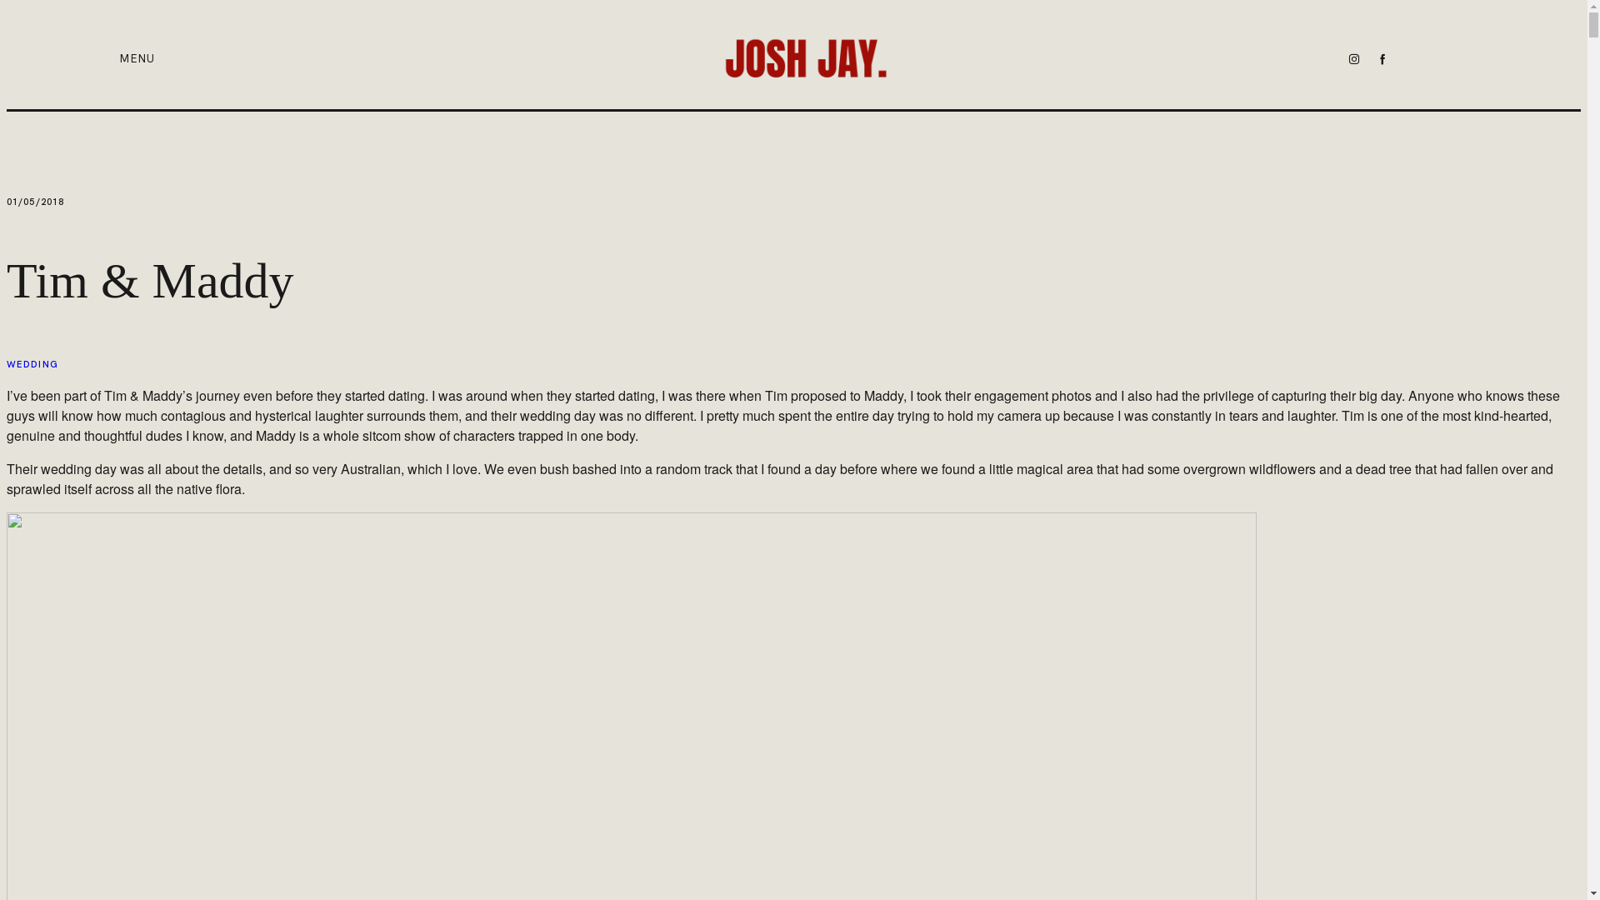 This screenshot has width=1600, height=900. What do you see at coordinates (7, 363) in the screenshot?
I see `'WEDDING'` at bounding box center [7, 363].